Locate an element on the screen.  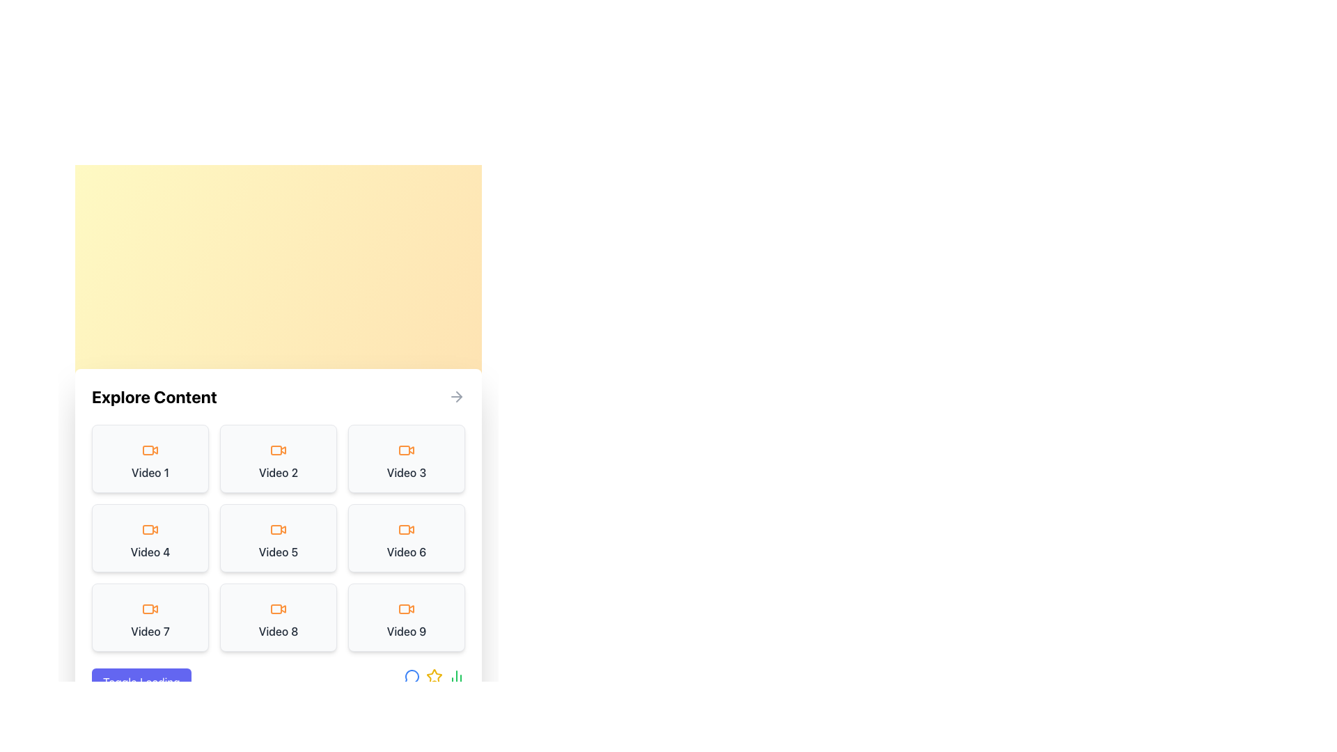
the orange rounded rectangle icon, which is the seventh video indicator under the 'Explore Content' section is located at coordinates (148, 609).